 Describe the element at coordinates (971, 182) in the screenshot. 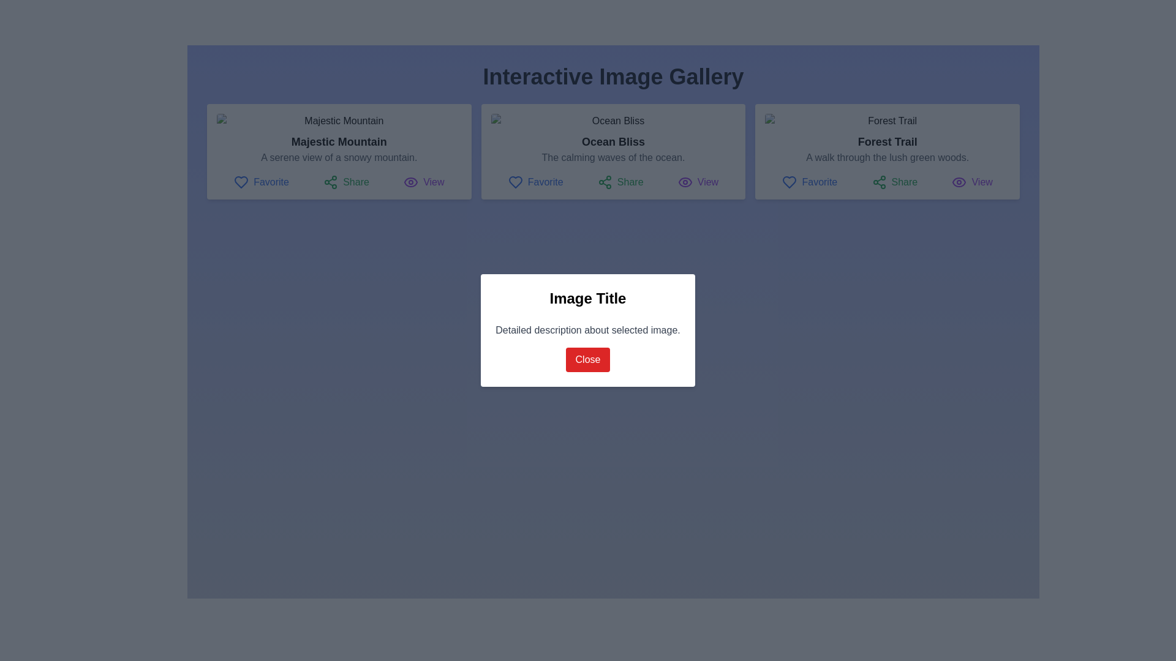

I see `the 'View' button, which is an eye-shaped icon followed by the text in purple color, located below the 'Forest Trail' section and to the right of the 'Share' button` at that location.